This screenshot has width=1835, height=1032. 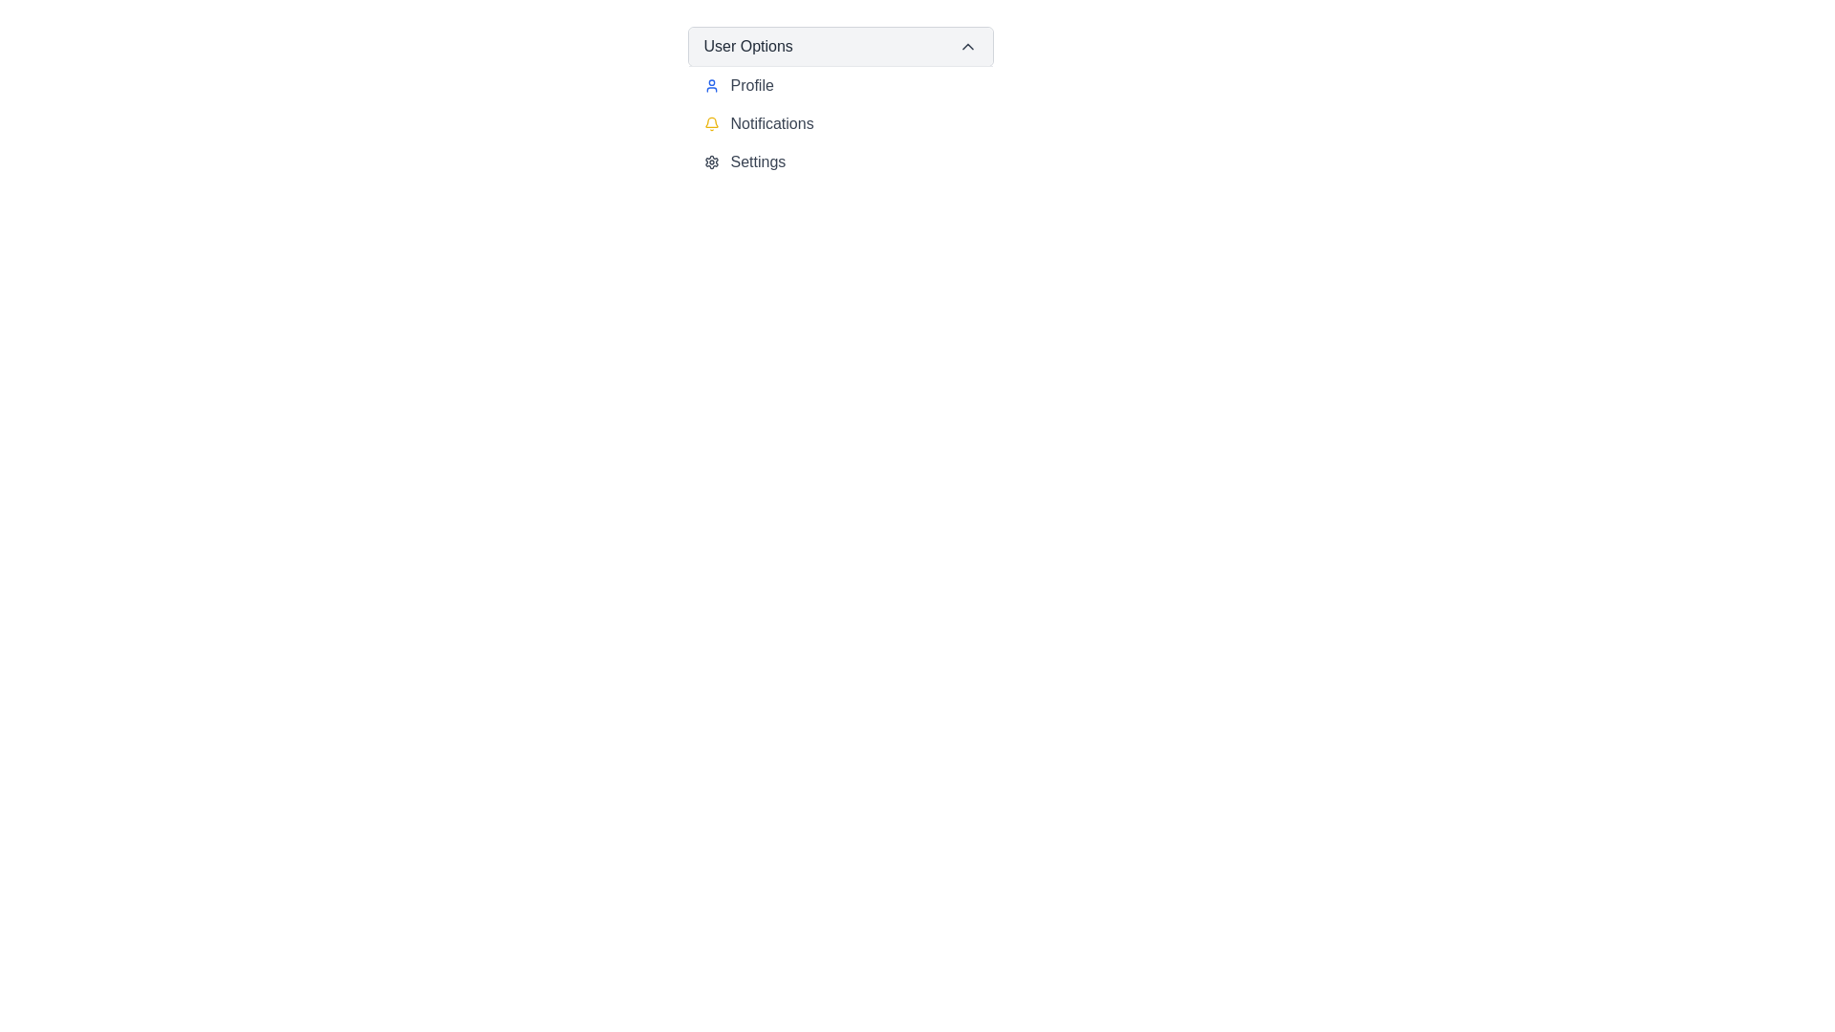 I want to click on the 'Settings' icon located to the left of the text 'Settings' in the user options menu, so click(x=710, y=161).